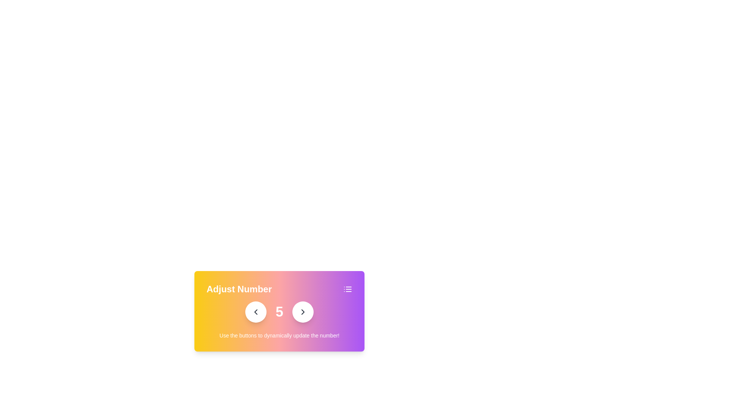 Image resolution: width=729 pixels, height=410 pixels. What do you see at coordinates (238, 289) in the screenshot?
I see `the static text label that describes the purpose of the related interface components below it, specifically the label titled 'Adjust Number'` at bounding box center [238, 289].